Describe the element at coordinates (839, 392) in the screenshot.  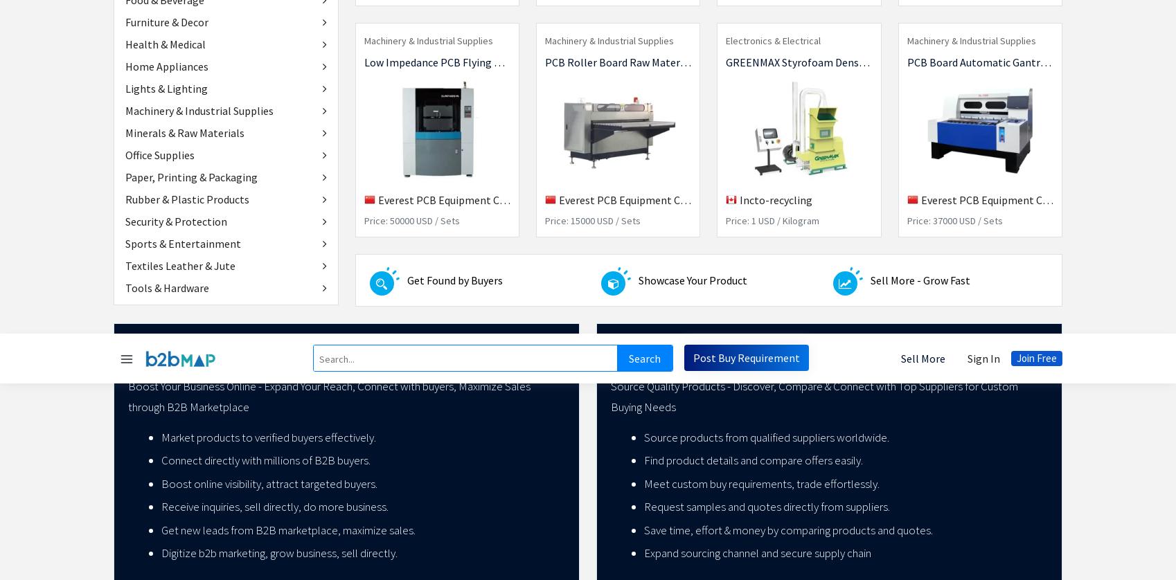
I see `'India'` at that location.